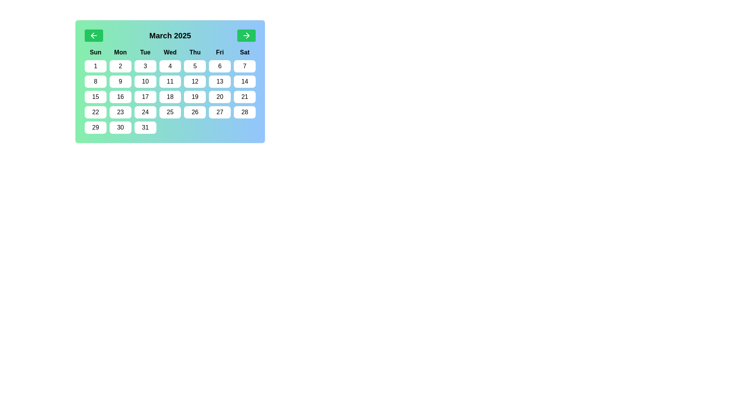 Image resolution: width=736 pixels, height=414 pixels. Describe the element at coordinates (120, 97) in the screenshot. I see `the button displaying '16' in the center of a white rounded rectangle` at that location.